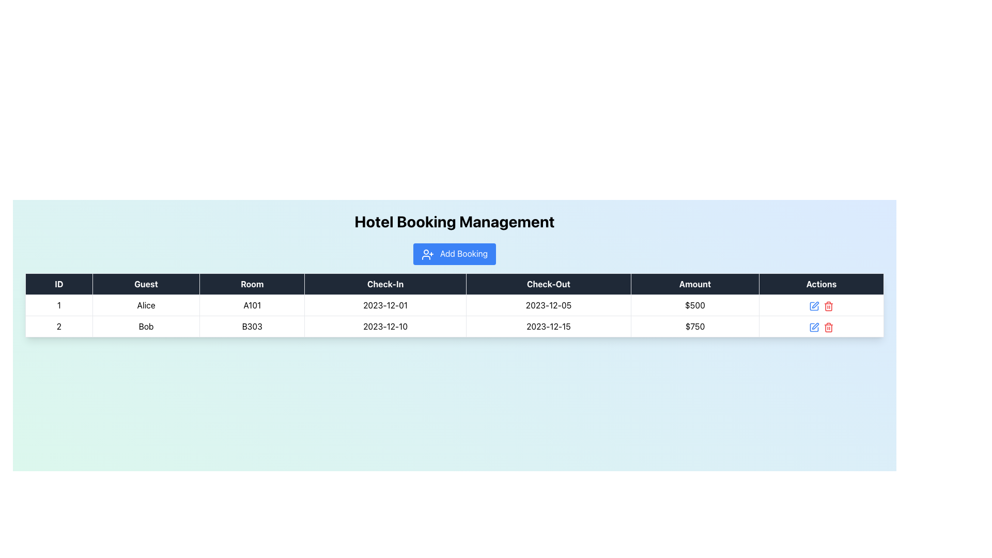  What do you see at coordinates (146, 304) in the screenshot?
I see `text in the table cell displaying the guest's name 'Alice' located in the second column of the first row in the Hotel Booking Management section` at bounding box center [146, 304].